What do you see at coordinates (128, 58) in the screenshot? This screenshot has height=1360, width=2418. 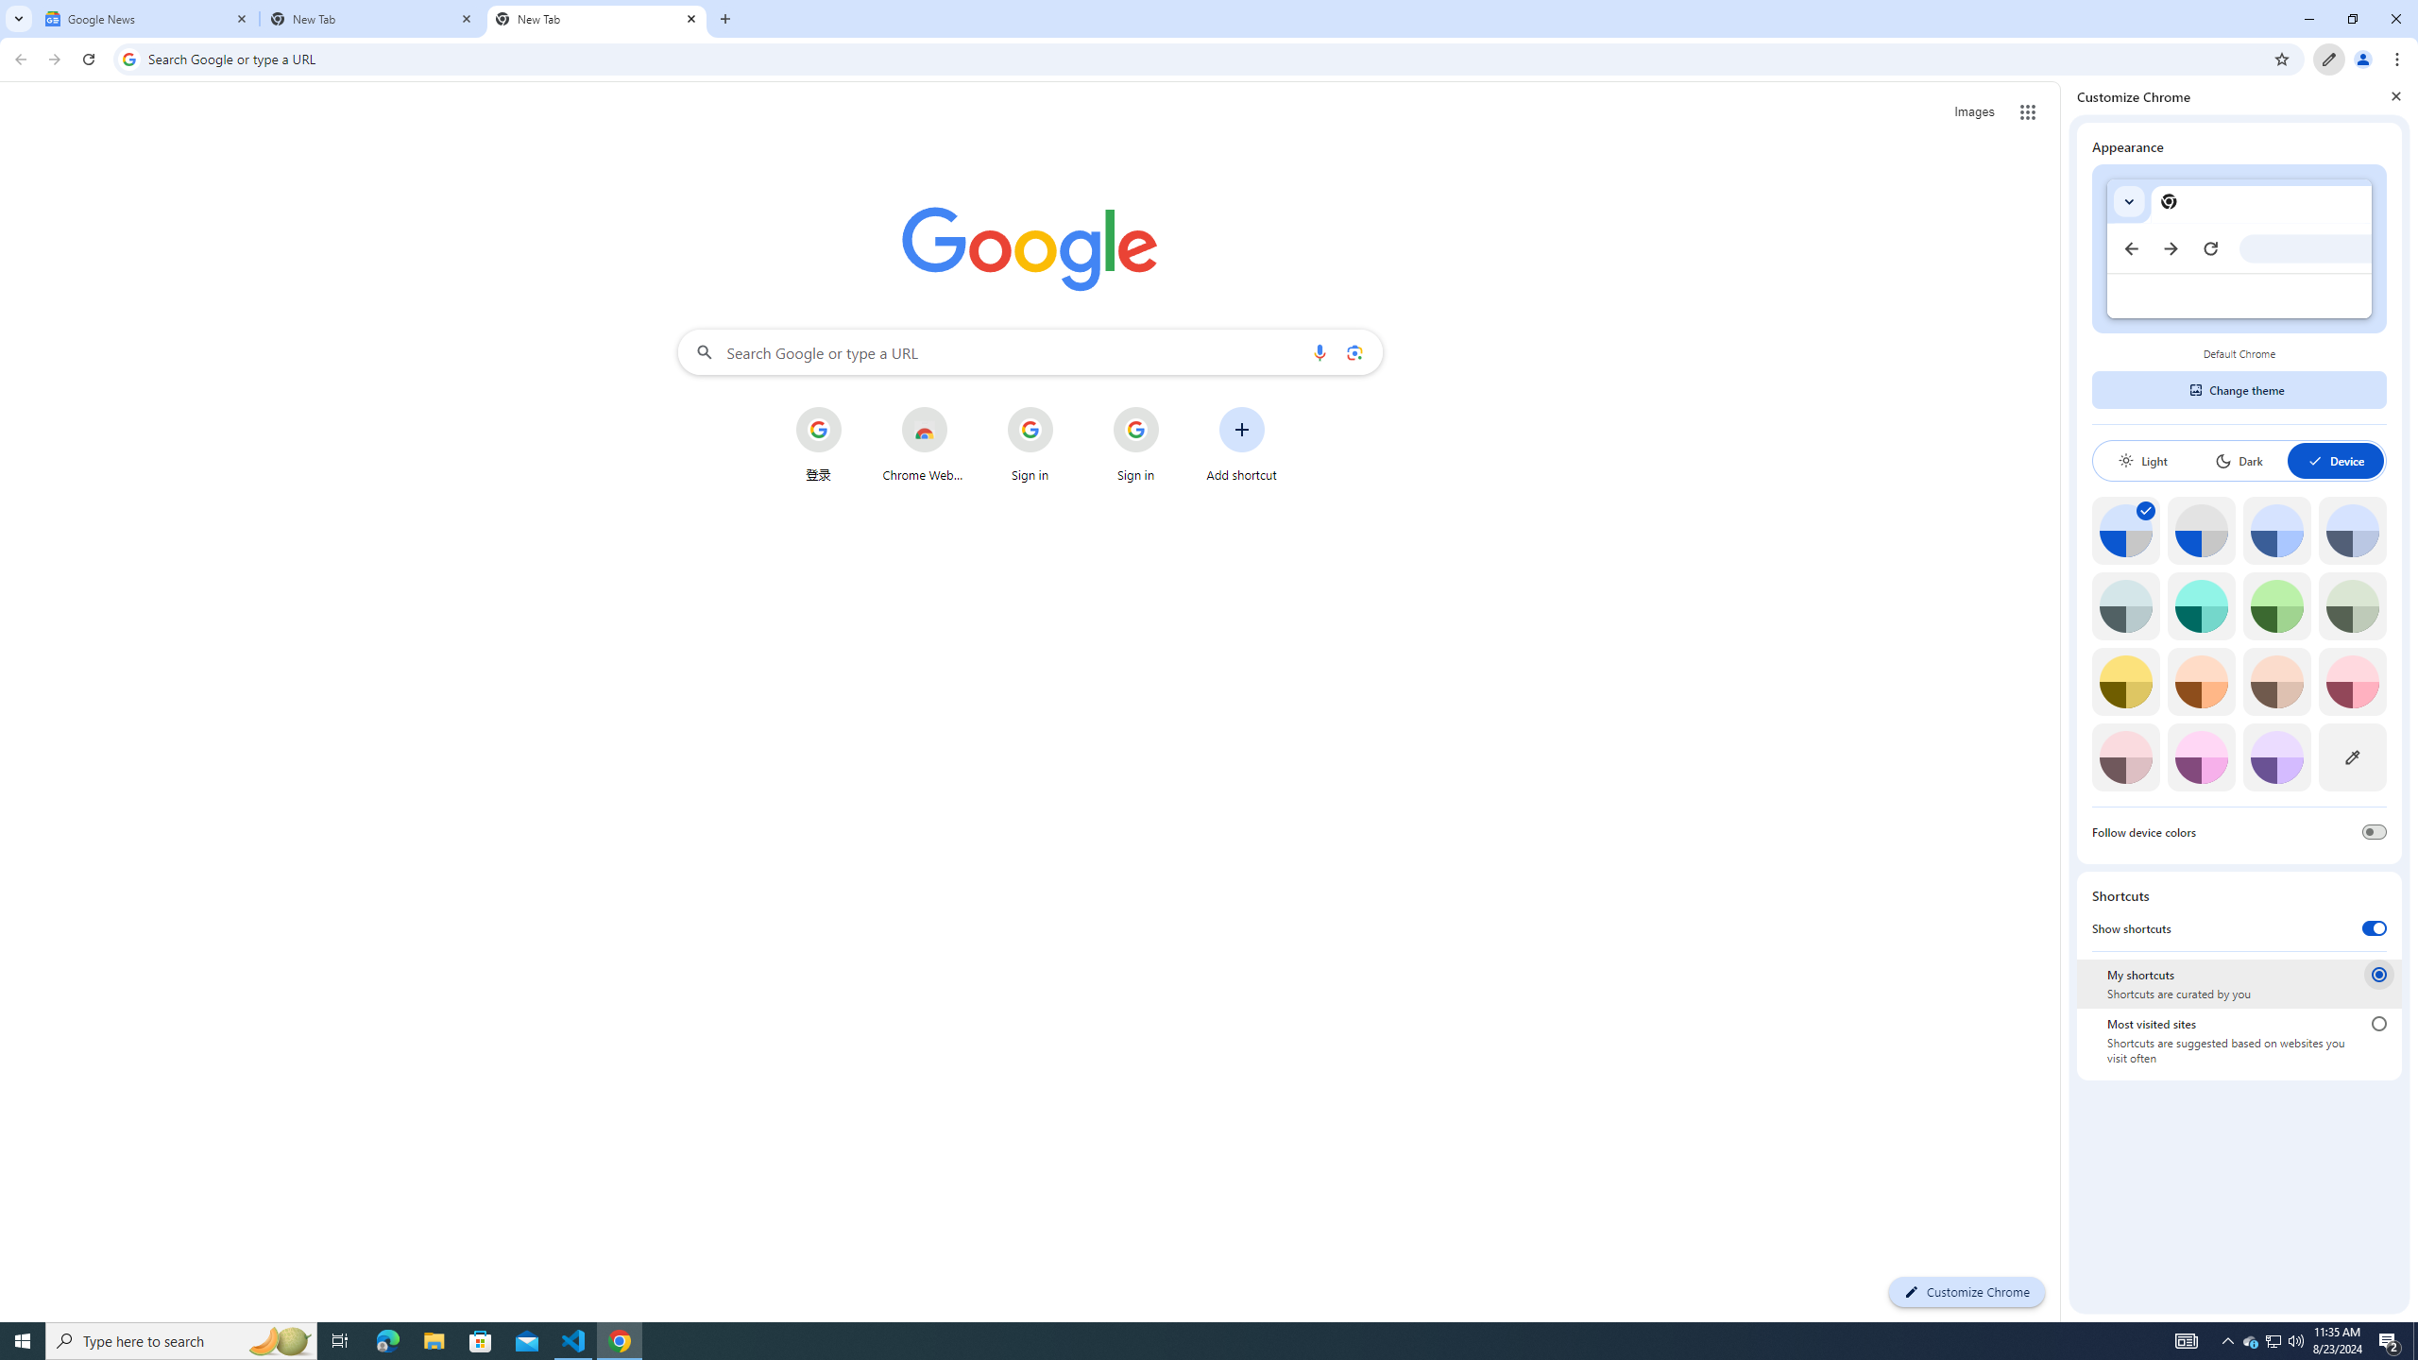 I see `'Search icon'` at bounding box center [128, 58].